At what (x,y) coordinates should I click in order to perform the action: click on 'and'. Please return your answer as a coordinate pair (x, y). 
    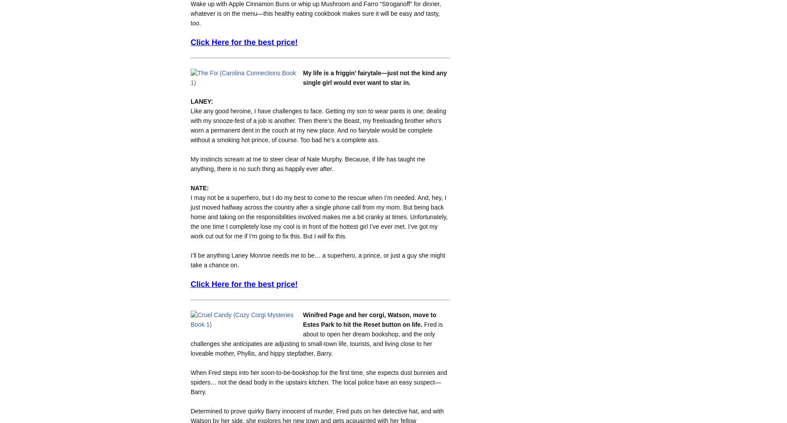
    Looking at the image, I should click on (418, 13).